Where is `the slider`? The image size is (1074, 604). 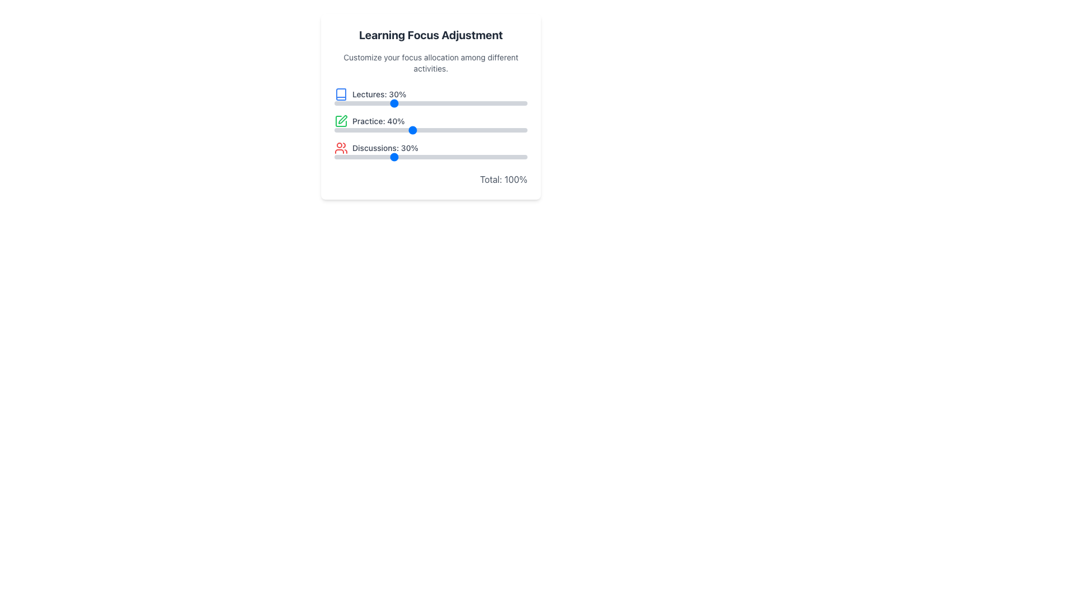 the slider is located at coordinates (452, 103).